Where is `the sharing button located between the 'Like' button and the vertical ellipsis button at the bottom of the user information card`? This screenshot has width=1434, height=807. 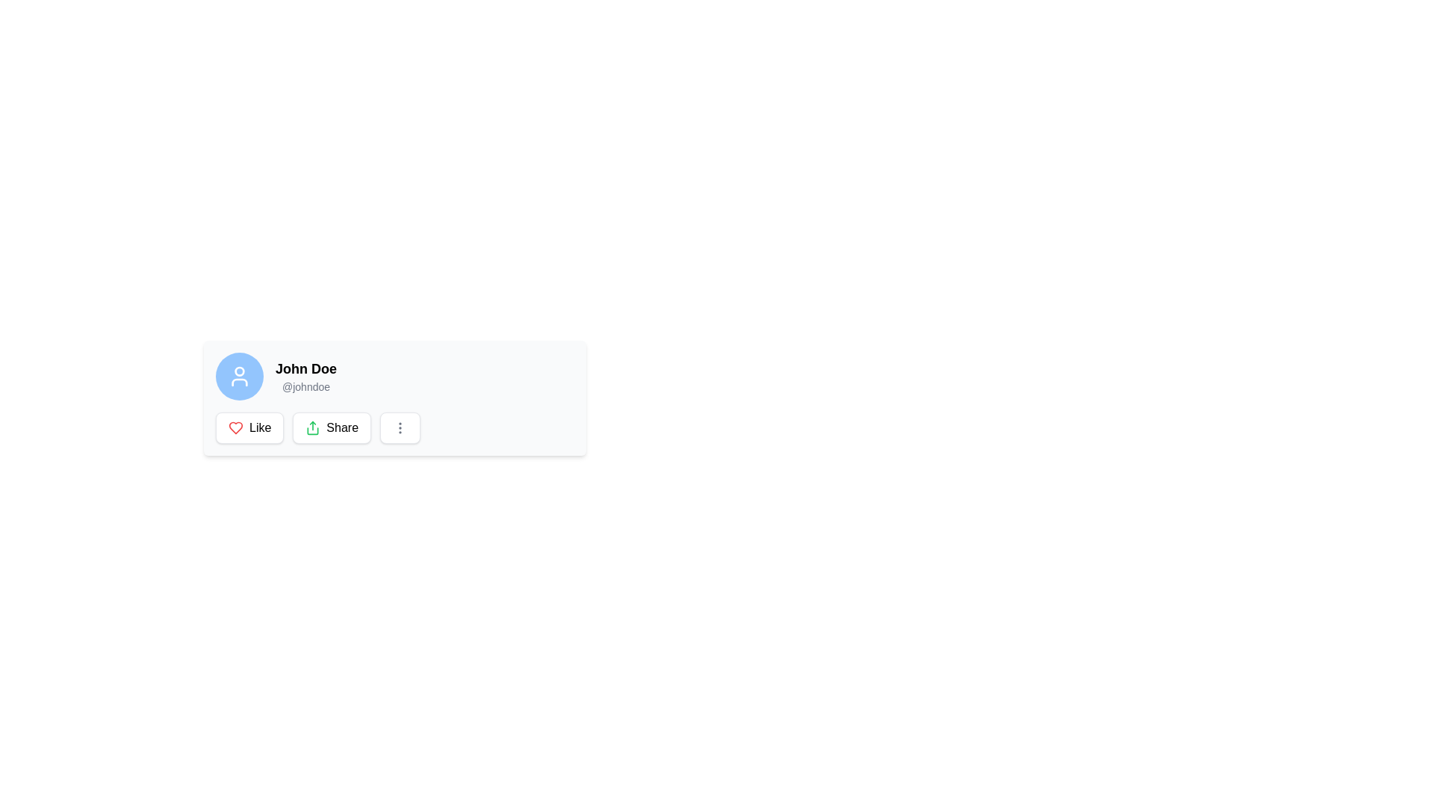 the sharing button located between the 'Like' button and the vertical ellipsis button at the bottom of the user information card is located at coordinates (331, 428).